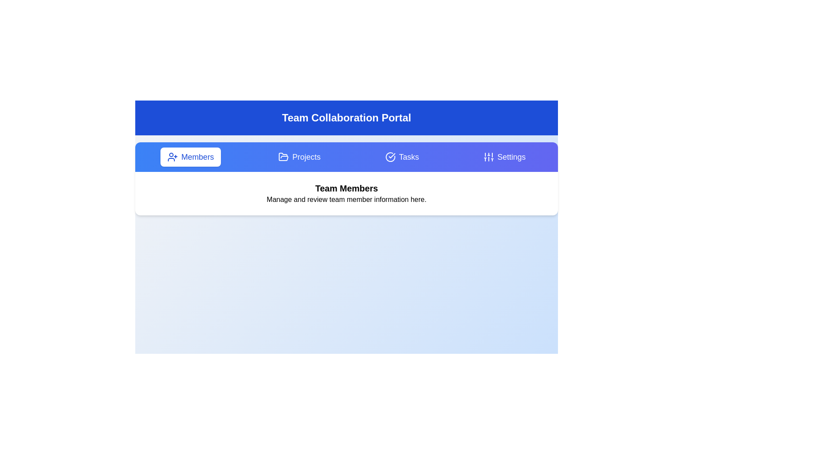  What do you see at coordinates (488, 157) in the screenshot?
I see `the vertical sliders icon located inside the 'Settings' button, positioned before the text label 'Settings'` at bounding box center [488, 157].